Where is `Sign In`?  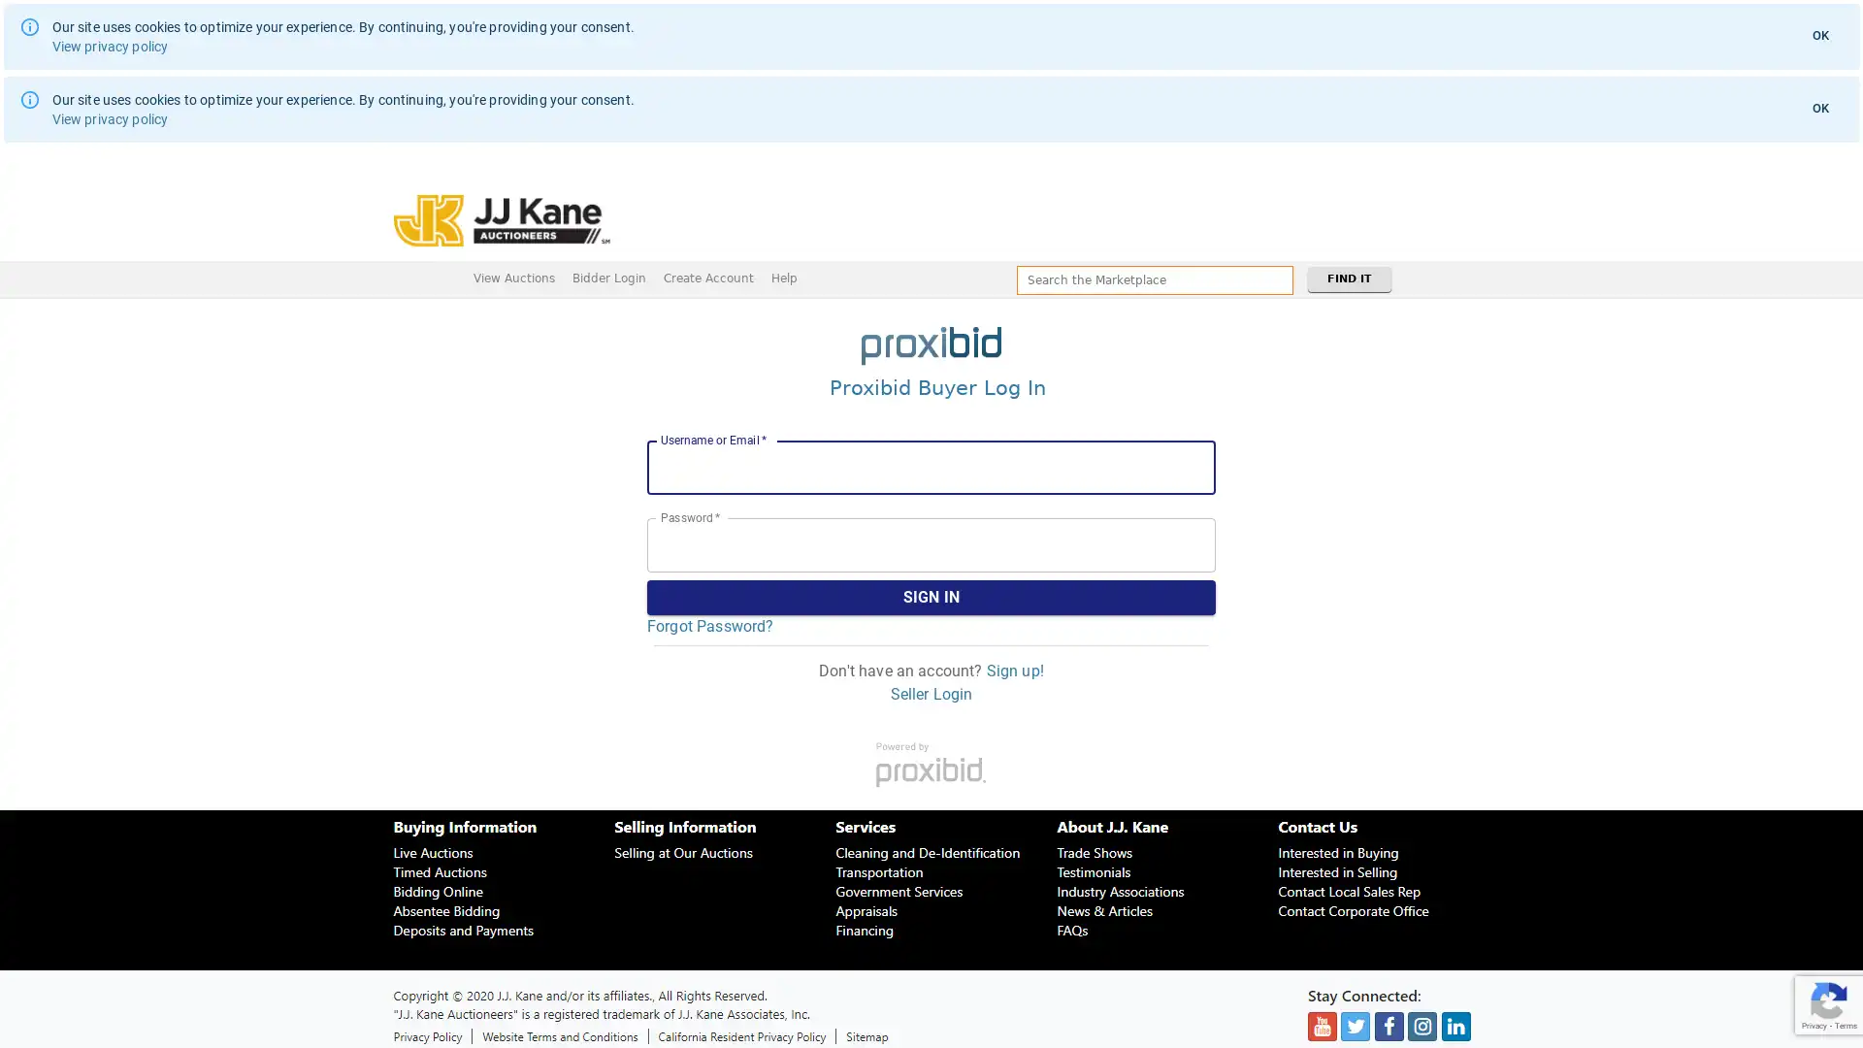 Sign In is located at coordinates (931, 597).